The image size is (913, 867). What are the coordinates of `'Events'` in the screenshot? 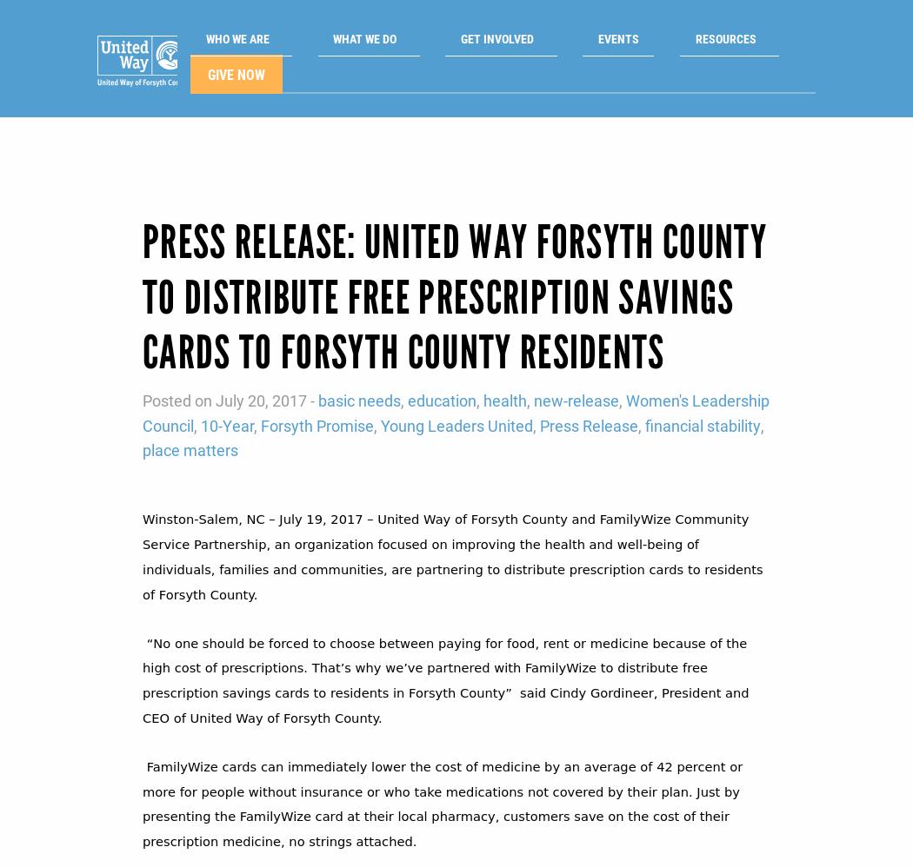 It's located at (596, 43).